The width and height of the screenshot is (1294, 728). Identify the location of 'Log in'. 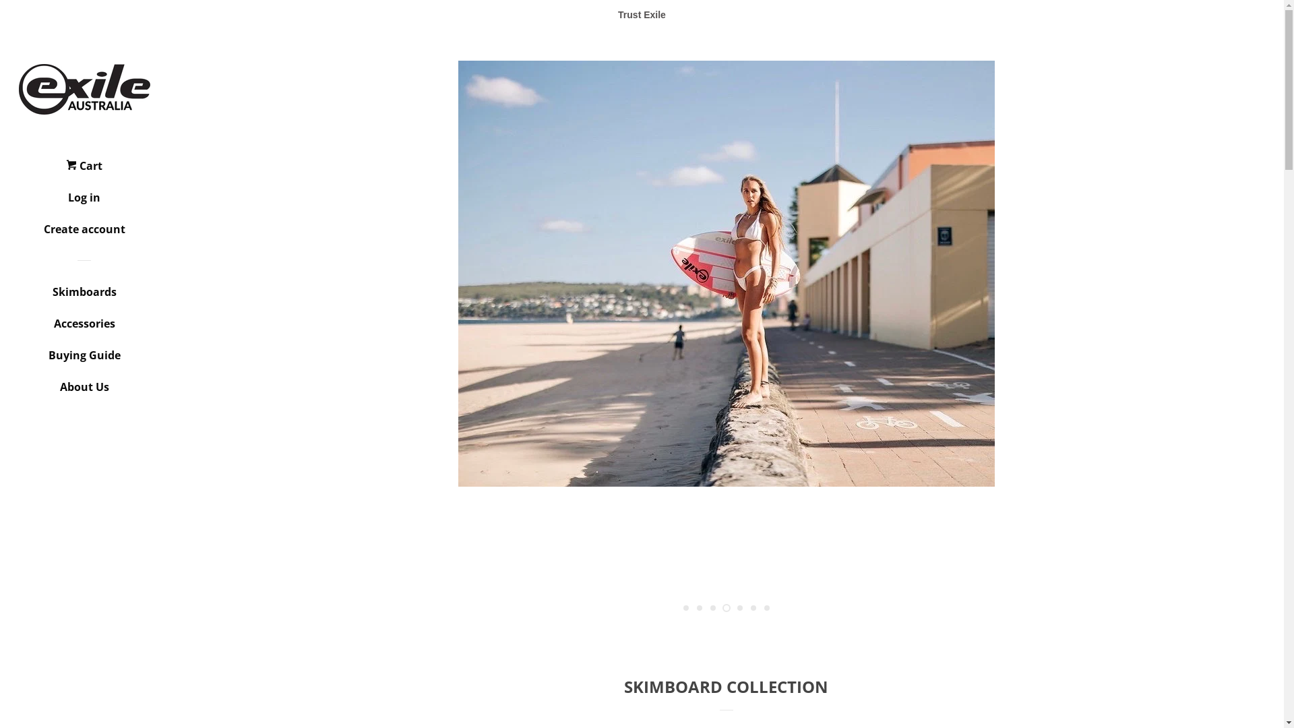
(83, 202).